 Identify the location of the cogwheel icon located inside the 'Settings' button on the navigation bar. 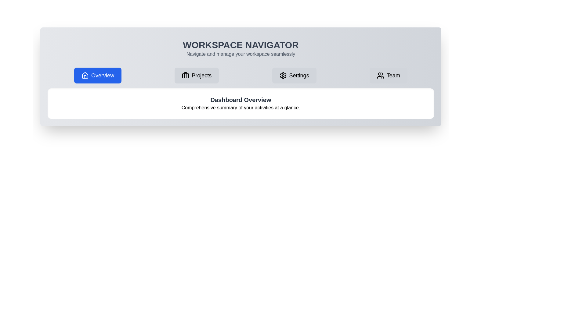
(283, 75).